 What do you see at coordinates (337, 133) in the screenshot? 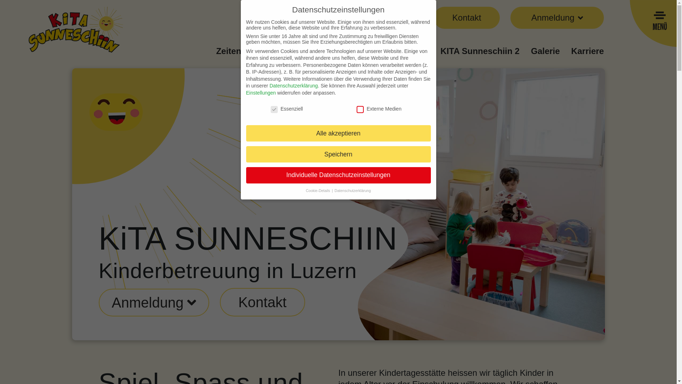
I see `'Alle akzeptieren'` at bounding box center [337, 133].